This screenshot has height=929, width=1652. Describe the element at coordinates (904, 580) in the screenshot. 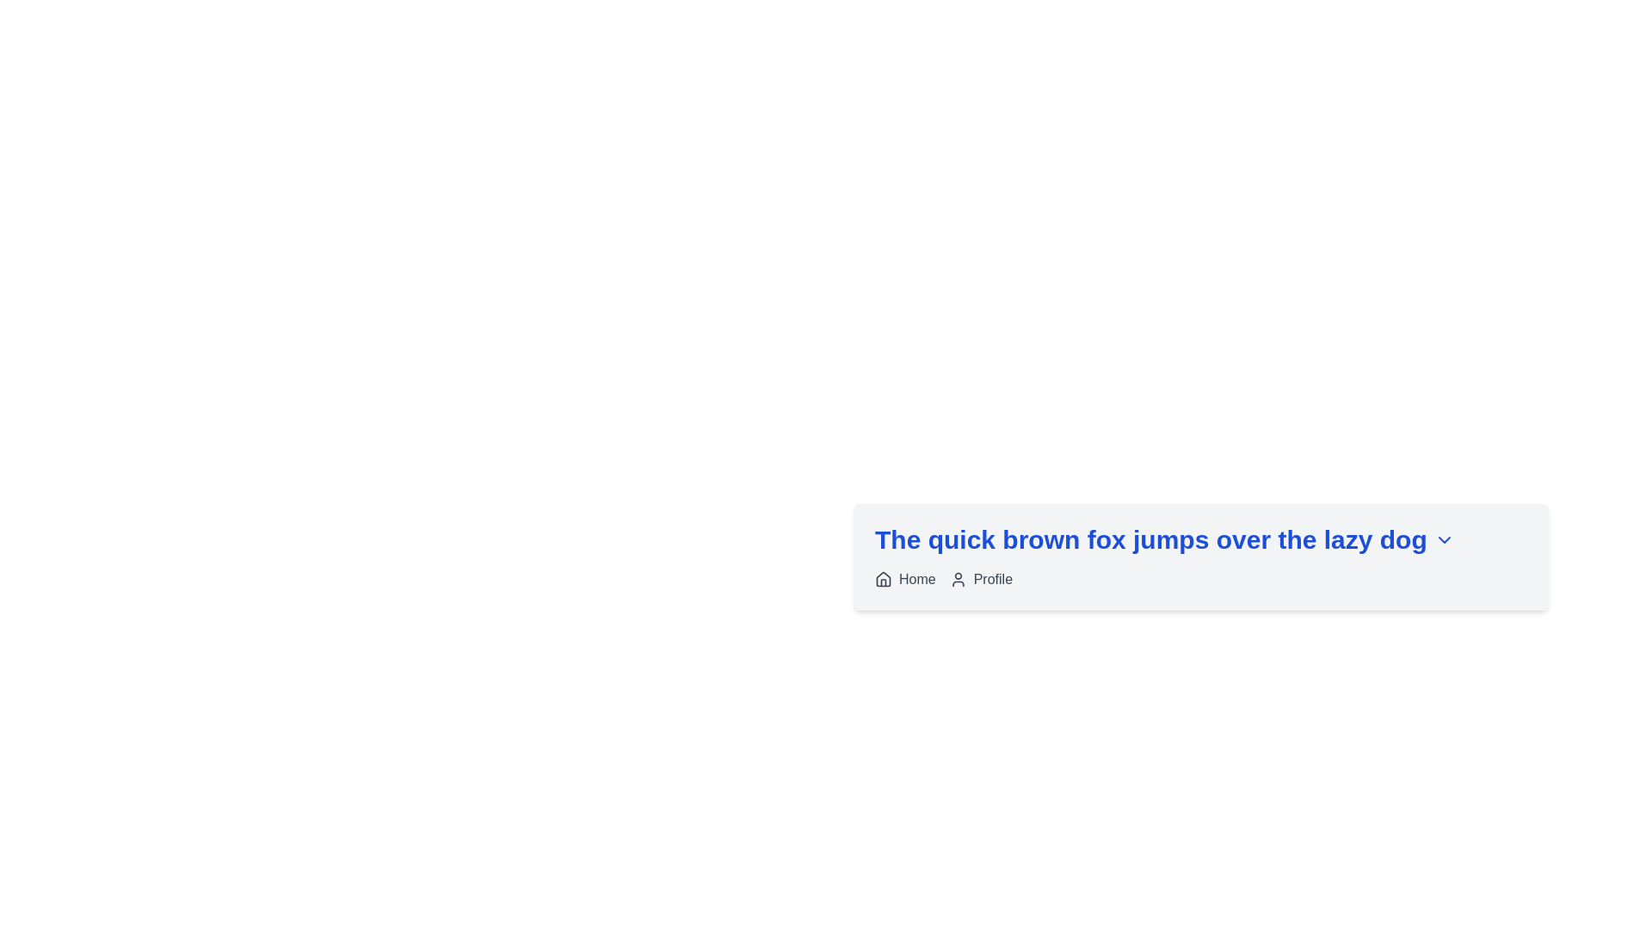

I see `the 'Home' navigation label located in the navigation bar, which is the first item among 'Home' and 'Profile'` at that location.